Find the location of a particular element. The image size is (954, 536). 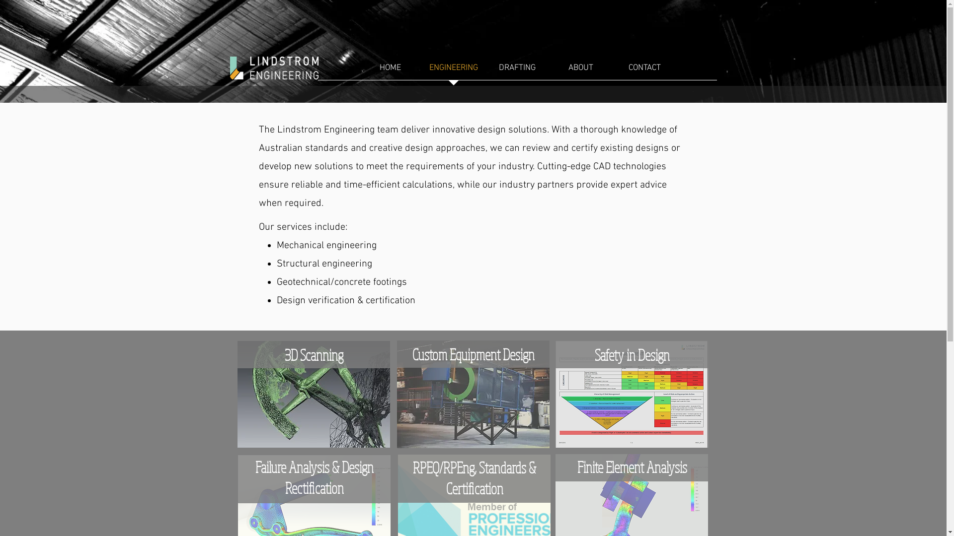

'HOME' is located at coordinates (390, 70).